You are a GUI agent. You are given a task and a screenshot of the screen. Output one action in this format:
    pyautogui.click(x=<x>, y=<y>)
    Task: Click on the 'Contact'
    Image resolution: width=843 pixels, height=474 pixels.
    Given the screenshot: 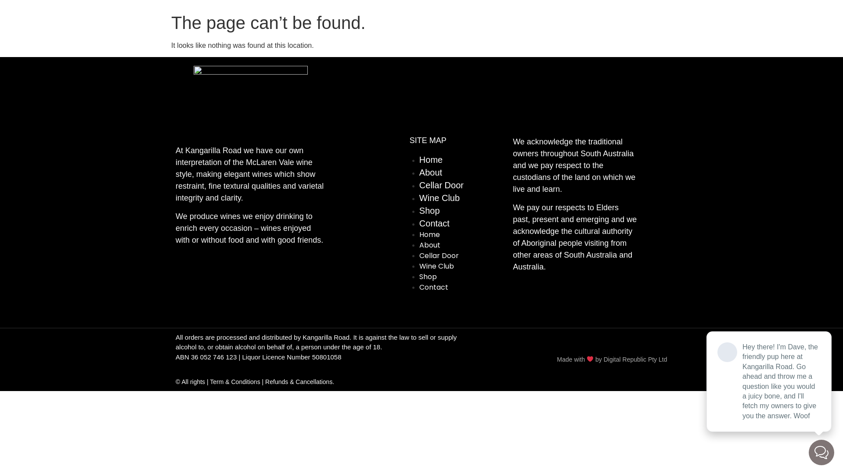 What is the action you would take?
    pyautogui.click(x=419, y=287)
    